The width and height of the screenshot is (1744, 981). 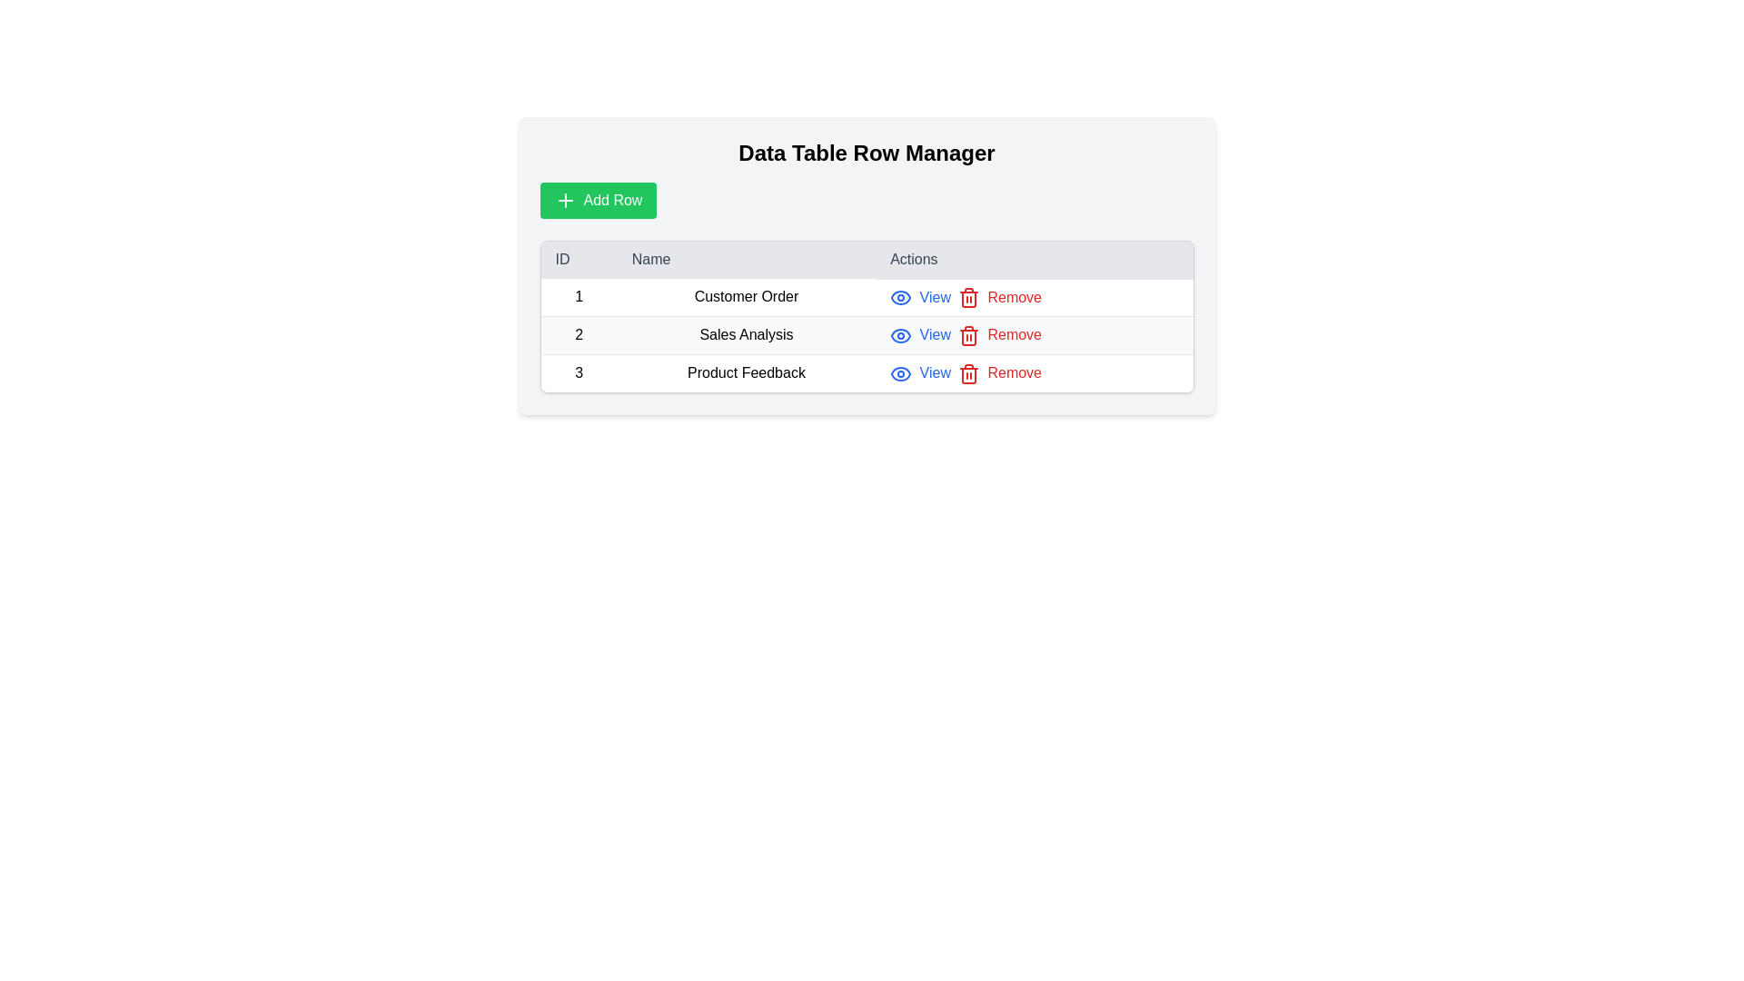 I want to click on the text link that allows users, so click(x=920, y=296).